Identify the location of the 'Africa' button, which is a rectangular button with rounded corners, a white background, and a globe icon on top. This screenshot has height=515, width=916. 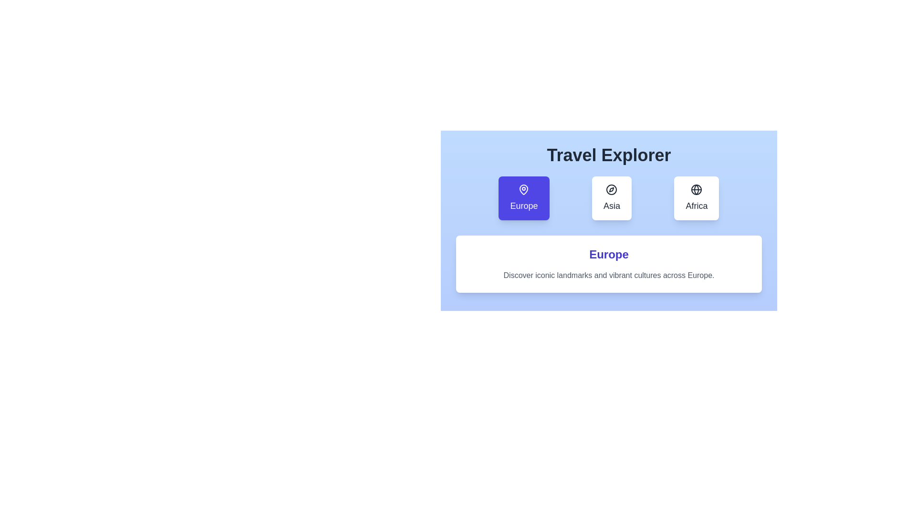
(697, 198).